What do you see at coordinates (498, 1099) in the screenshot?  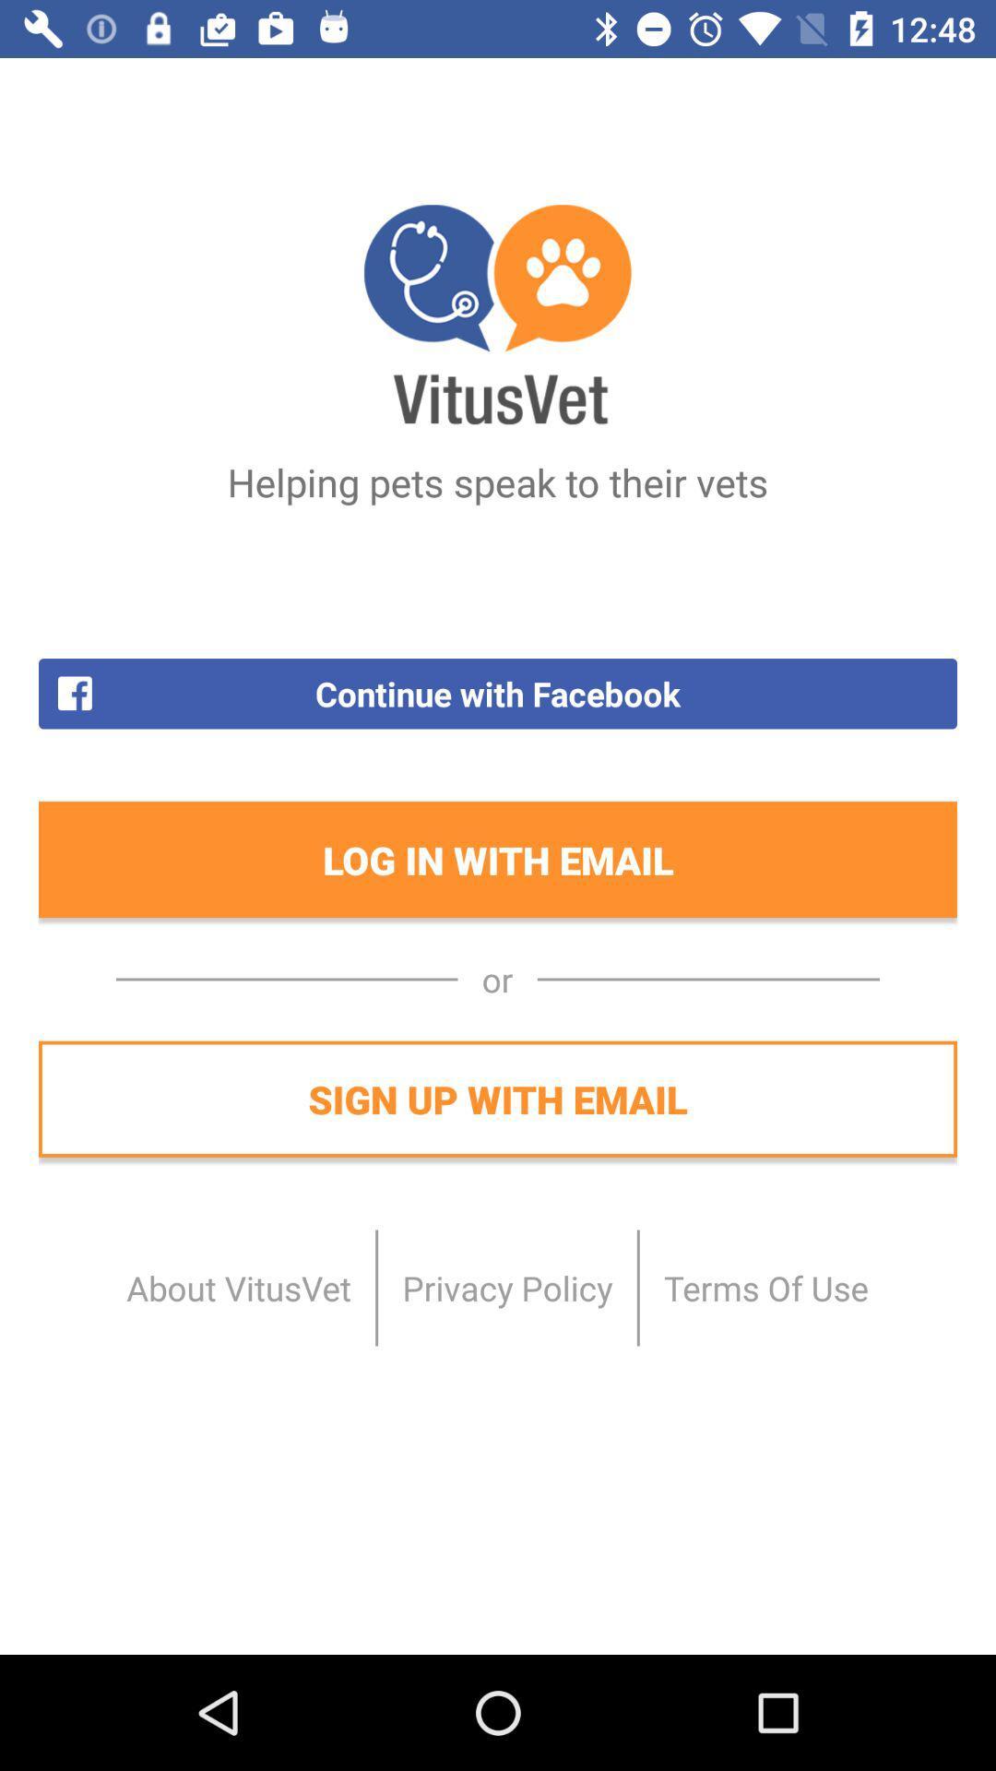 I see `sign up with item` at bounding box center [498, 1099].